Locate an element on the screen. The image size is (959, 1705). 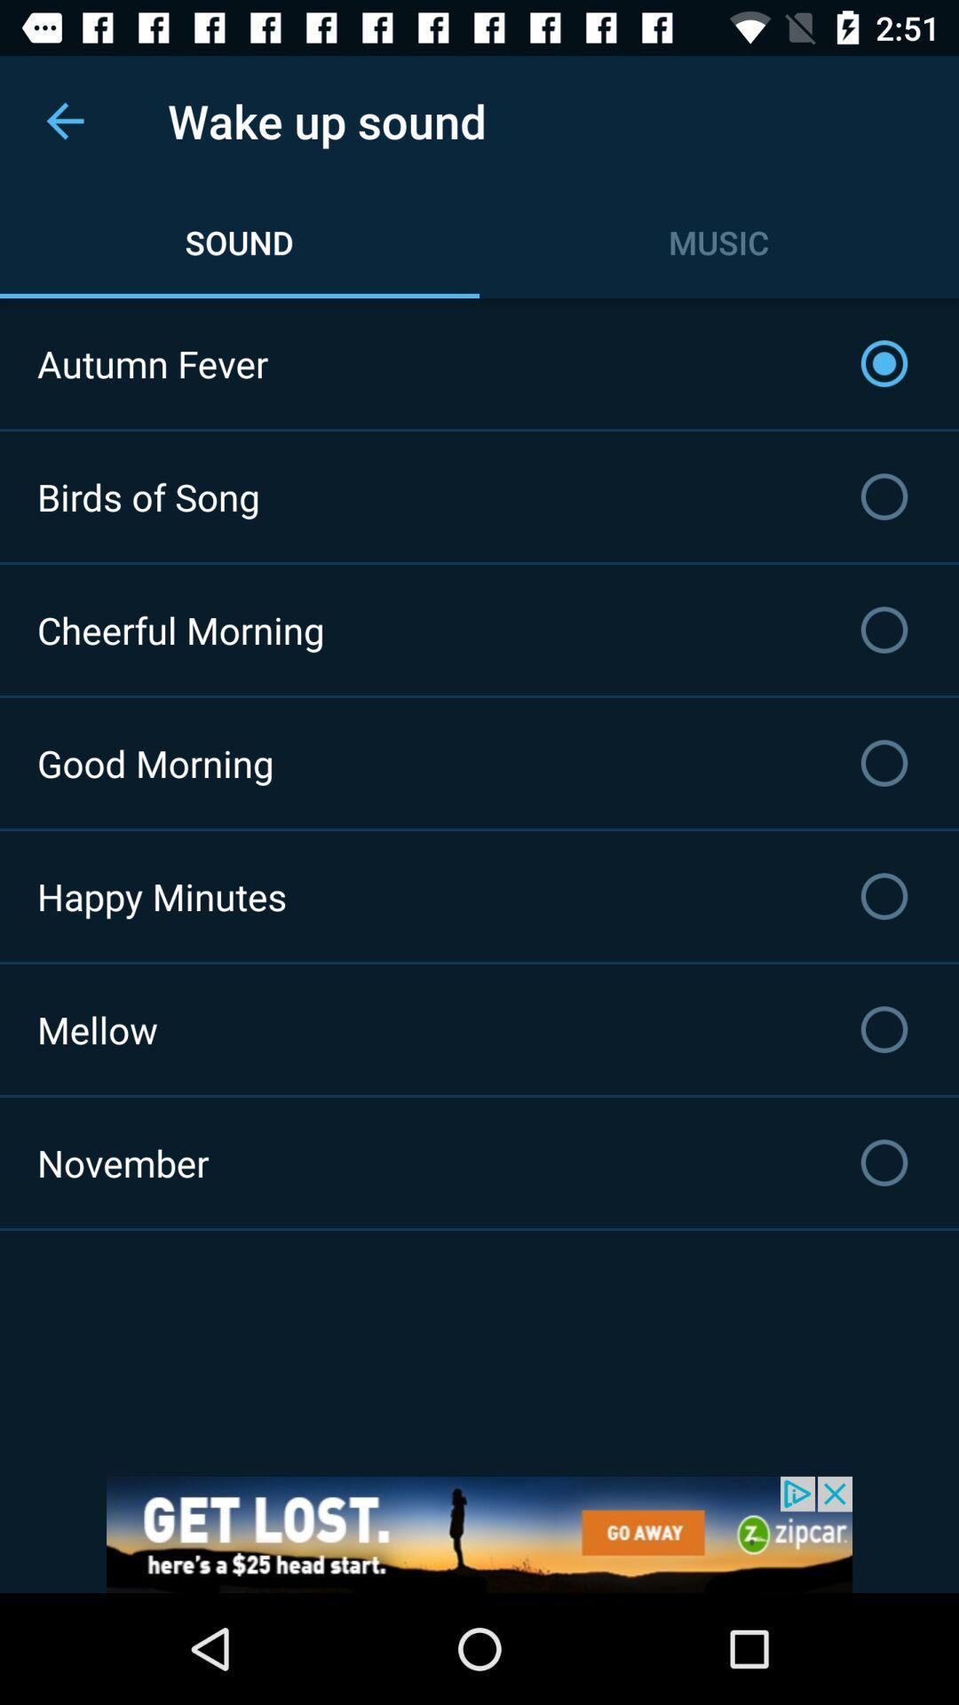
advertisement get lost is located at coordinates (479, 1534).